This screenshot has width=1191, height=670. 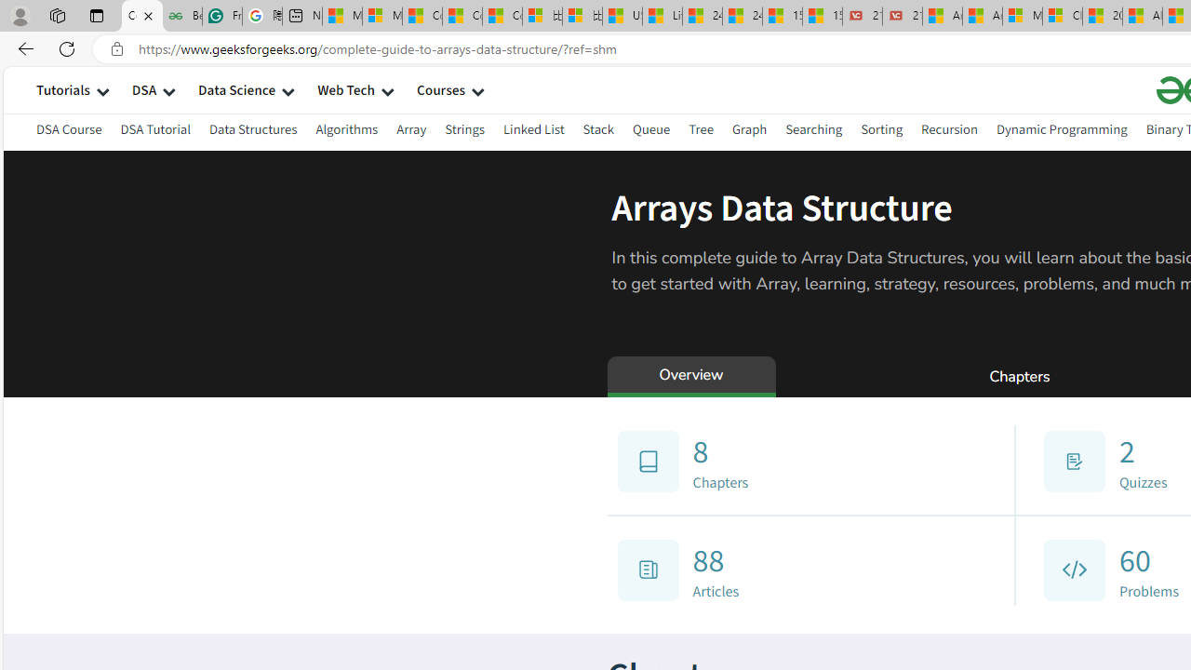 I want to click on 'Tutorials', so click(x=62, y=89).